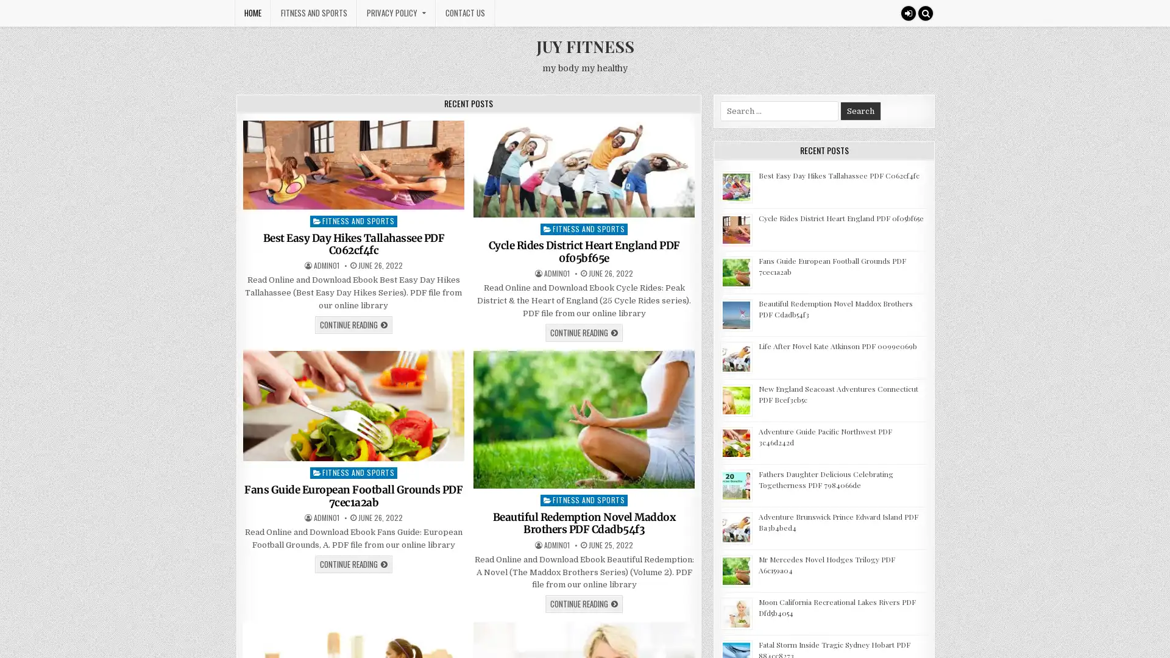 The image size is (1170, 658). Describe the element at coordinates (860, 111) in the screenshot. I see `Search` at that location.